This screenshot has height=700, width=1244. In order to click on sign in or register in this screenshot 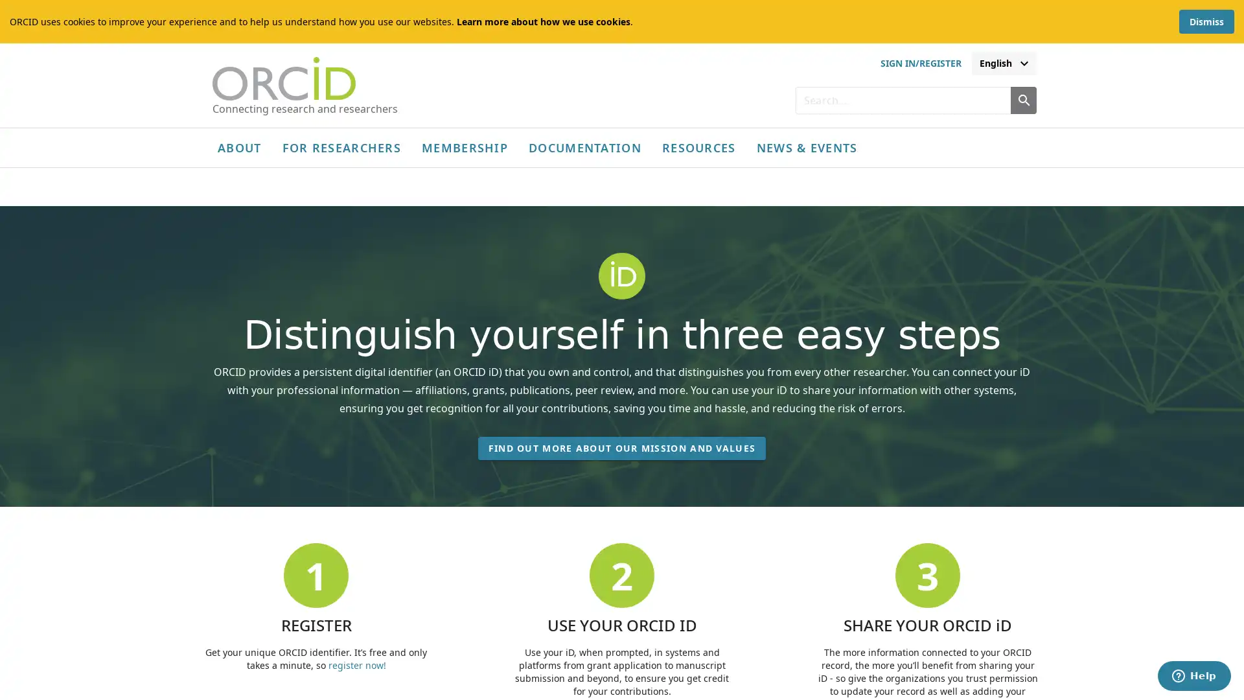, I will do `click(919, 63)`.